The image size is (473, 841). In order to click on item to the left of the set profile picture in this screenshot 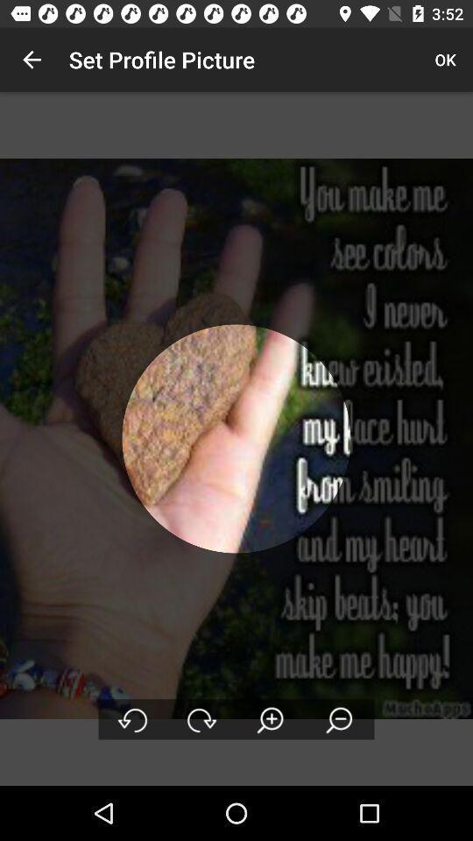, I will do `click(32, 60)`.